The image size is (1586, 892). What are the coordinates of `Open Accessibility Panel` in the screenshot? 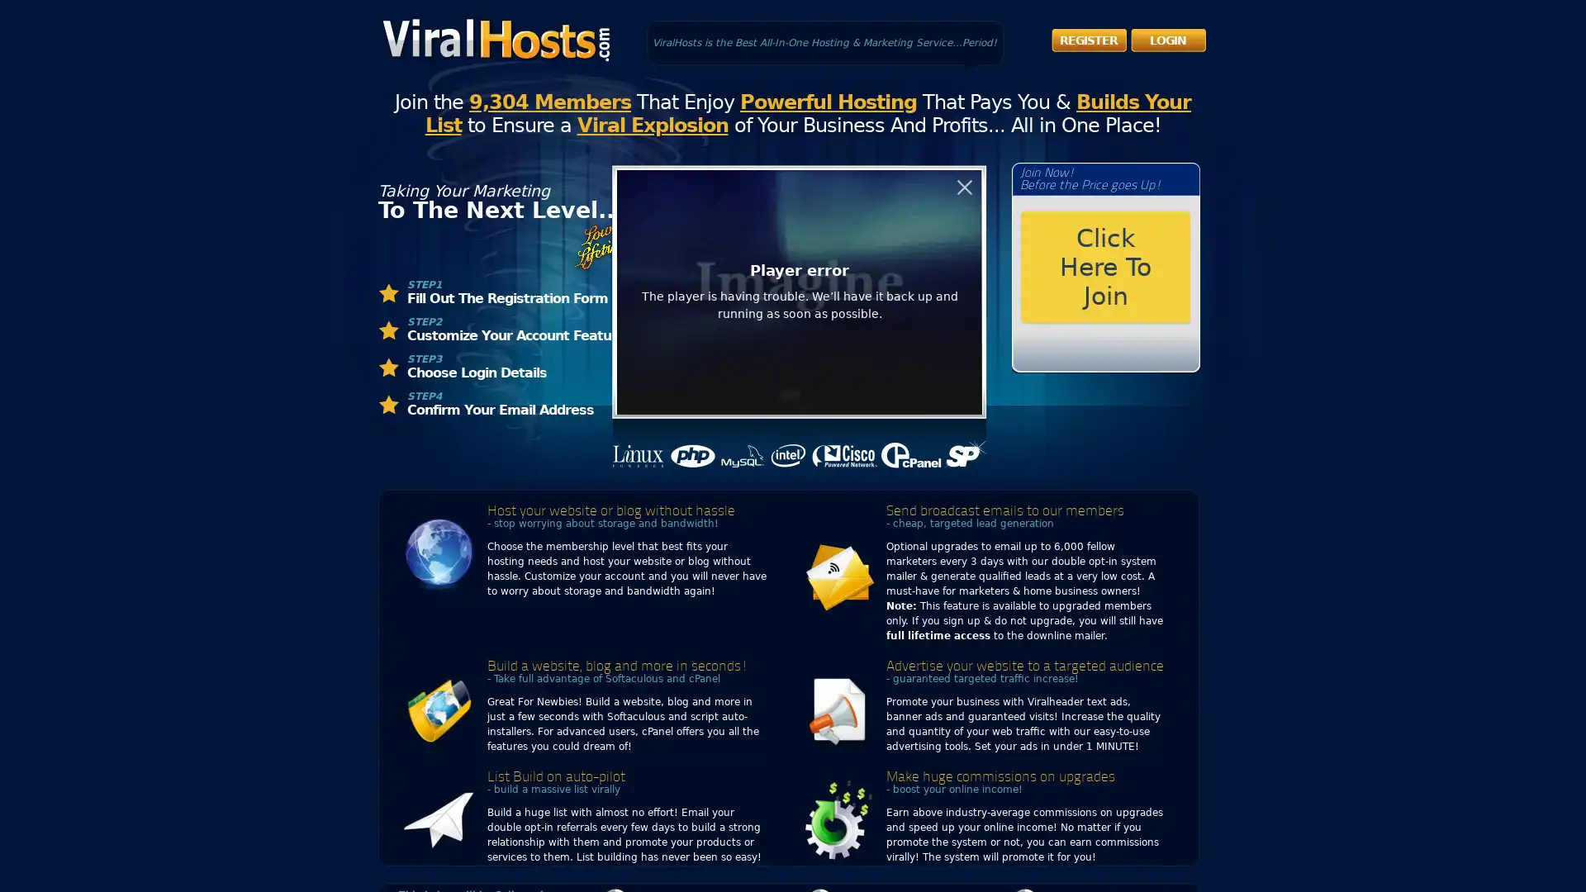 It's located at (1554, 477).